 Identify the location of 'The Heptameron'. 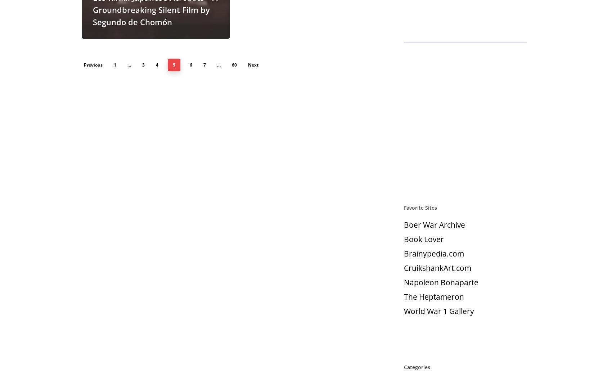
(433, 296).